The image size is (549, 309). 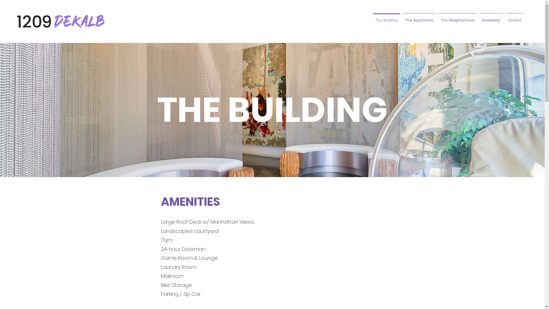 I want to click on 'The Neighborhood', so click(x=458, y=17).